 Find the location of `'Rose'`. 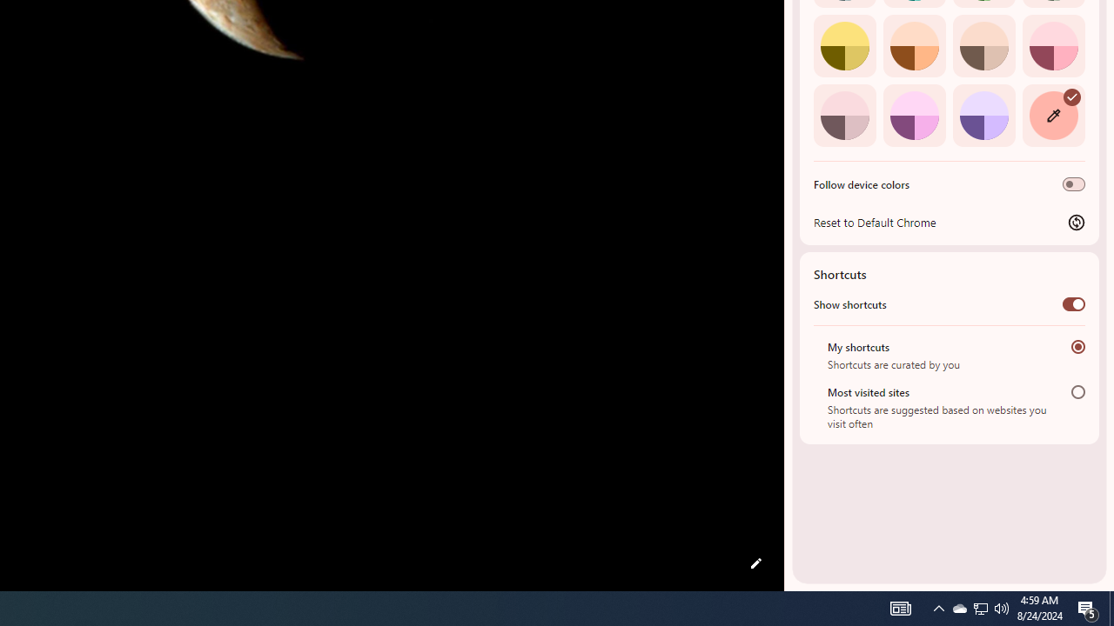

'Rose' is located at coordinates (1052, 44).